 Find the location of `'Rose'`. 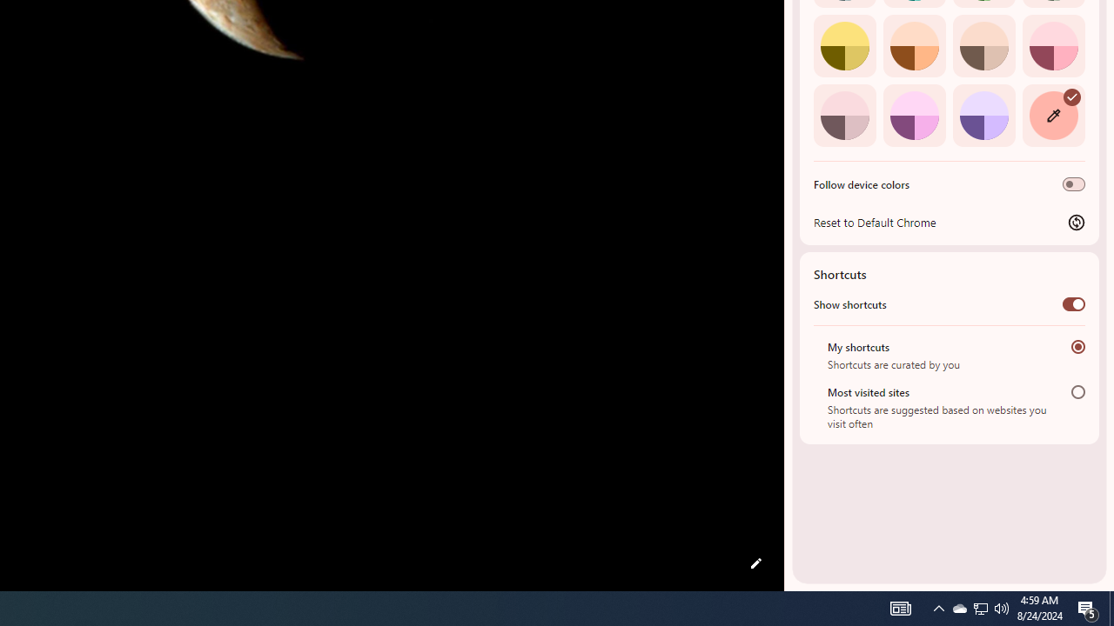

'Rose' is located at coordinates (1052, 44).